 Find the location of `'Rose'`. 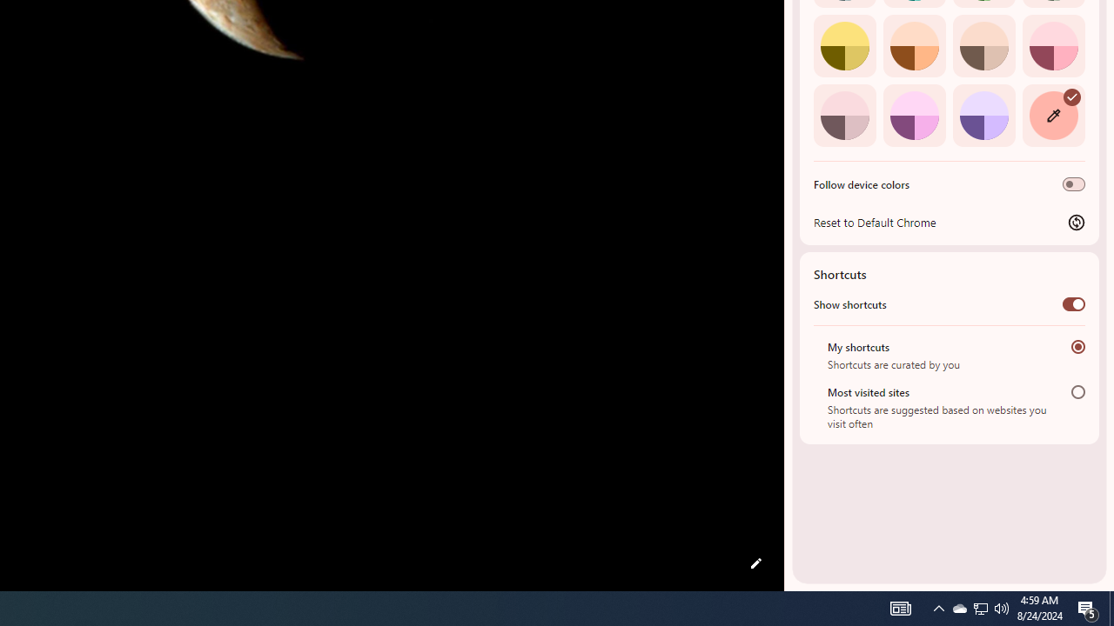

'Rose' is located at coordinates (1052, 44).